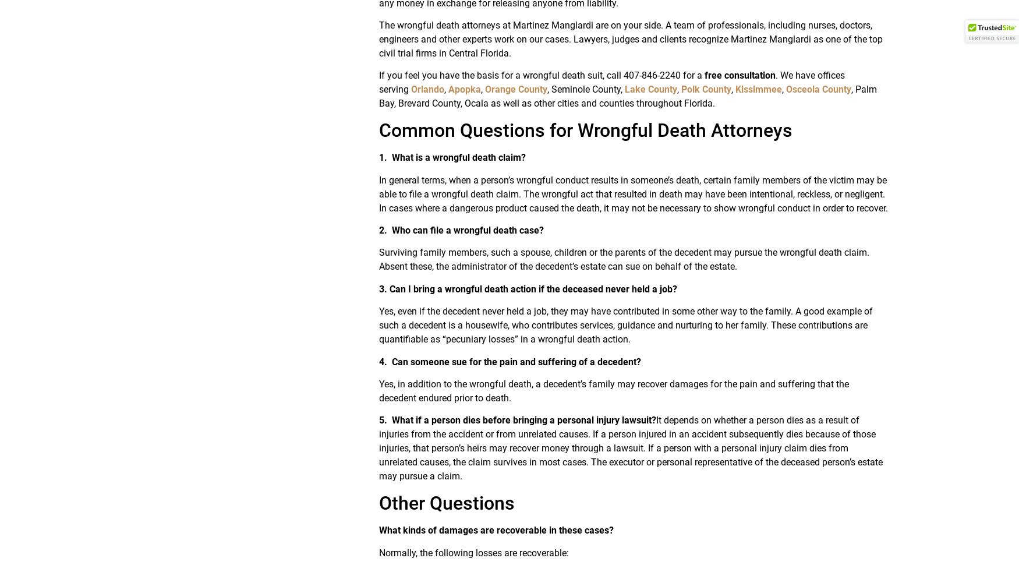 The width and height of the screenshot is (1019, 565). I want to click on '1.', so click(384, 157).